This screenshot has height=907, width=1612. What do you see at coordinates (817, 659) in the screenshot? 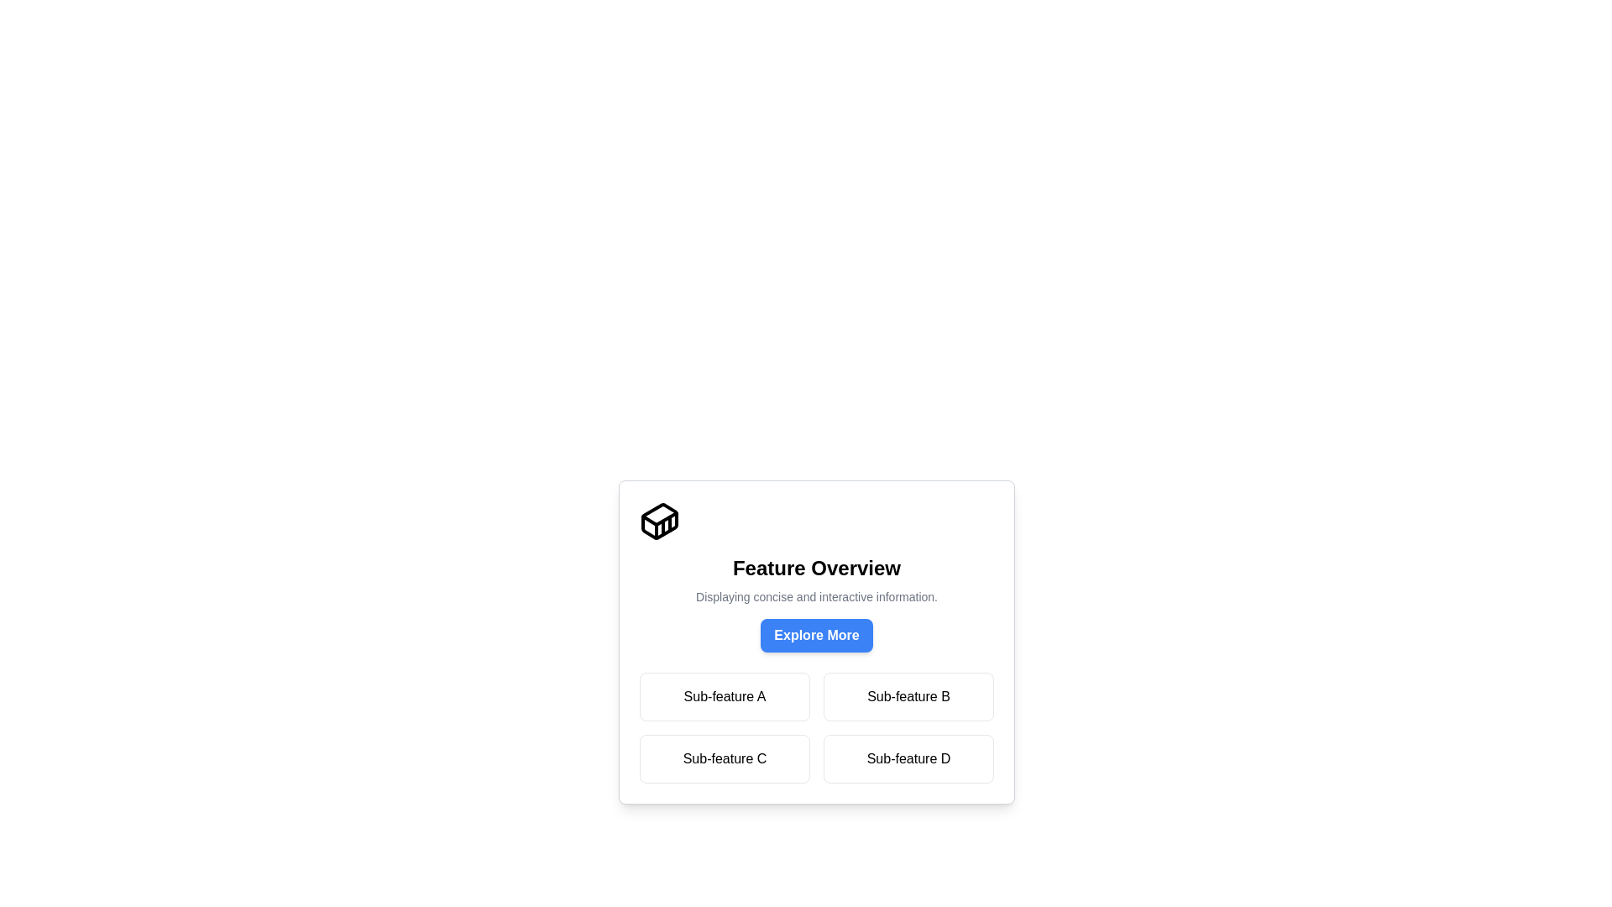
I see `descriptive content of the 'Feature Overview' dialog box, which includes the title and description, as well as the options available in the grid layout` at bounding box center [817, 659].